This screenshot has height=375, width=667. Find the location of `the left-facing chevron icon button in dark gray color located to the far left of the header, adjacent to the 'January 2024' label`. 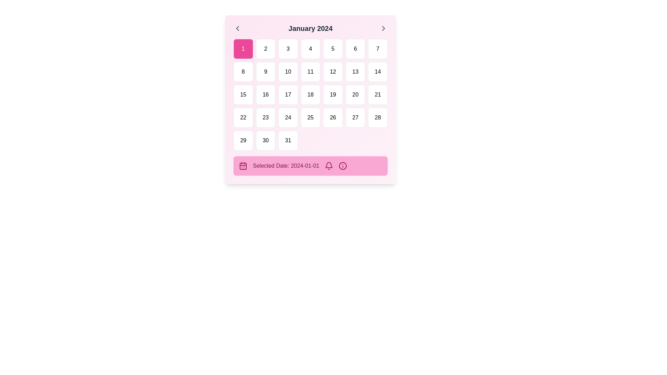

the left-facing chevron icon button in dark gray color located to the far left of the header, adjacent to the 'January 2024' label is located at coordinates (238, 28).